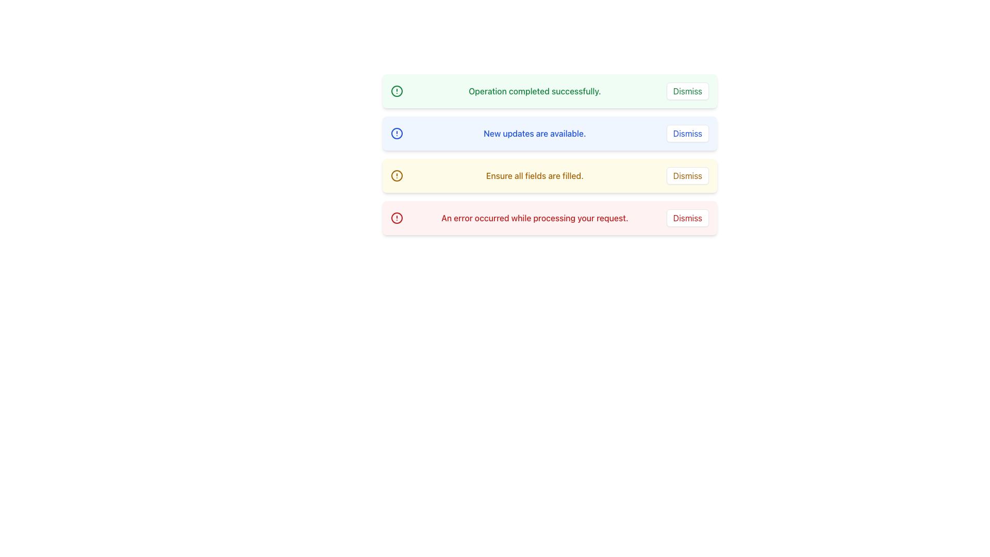 This screenshot has width=990, height=557. I want to click on the 'Dismiss' button located at the far right end of the green notification bar that reads 'Operation completed successfully.', so click(687, 91).